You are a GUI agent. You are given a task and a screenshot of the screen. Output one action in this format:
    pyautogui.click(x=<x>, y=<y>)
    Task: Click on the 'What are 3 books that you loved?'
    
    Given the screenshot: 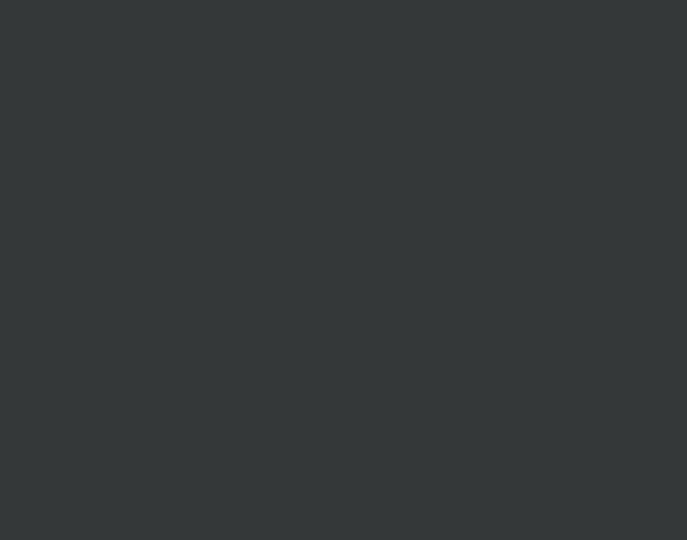 What is the action you would take?
    pyautogui.click(x=366, y=60)
    